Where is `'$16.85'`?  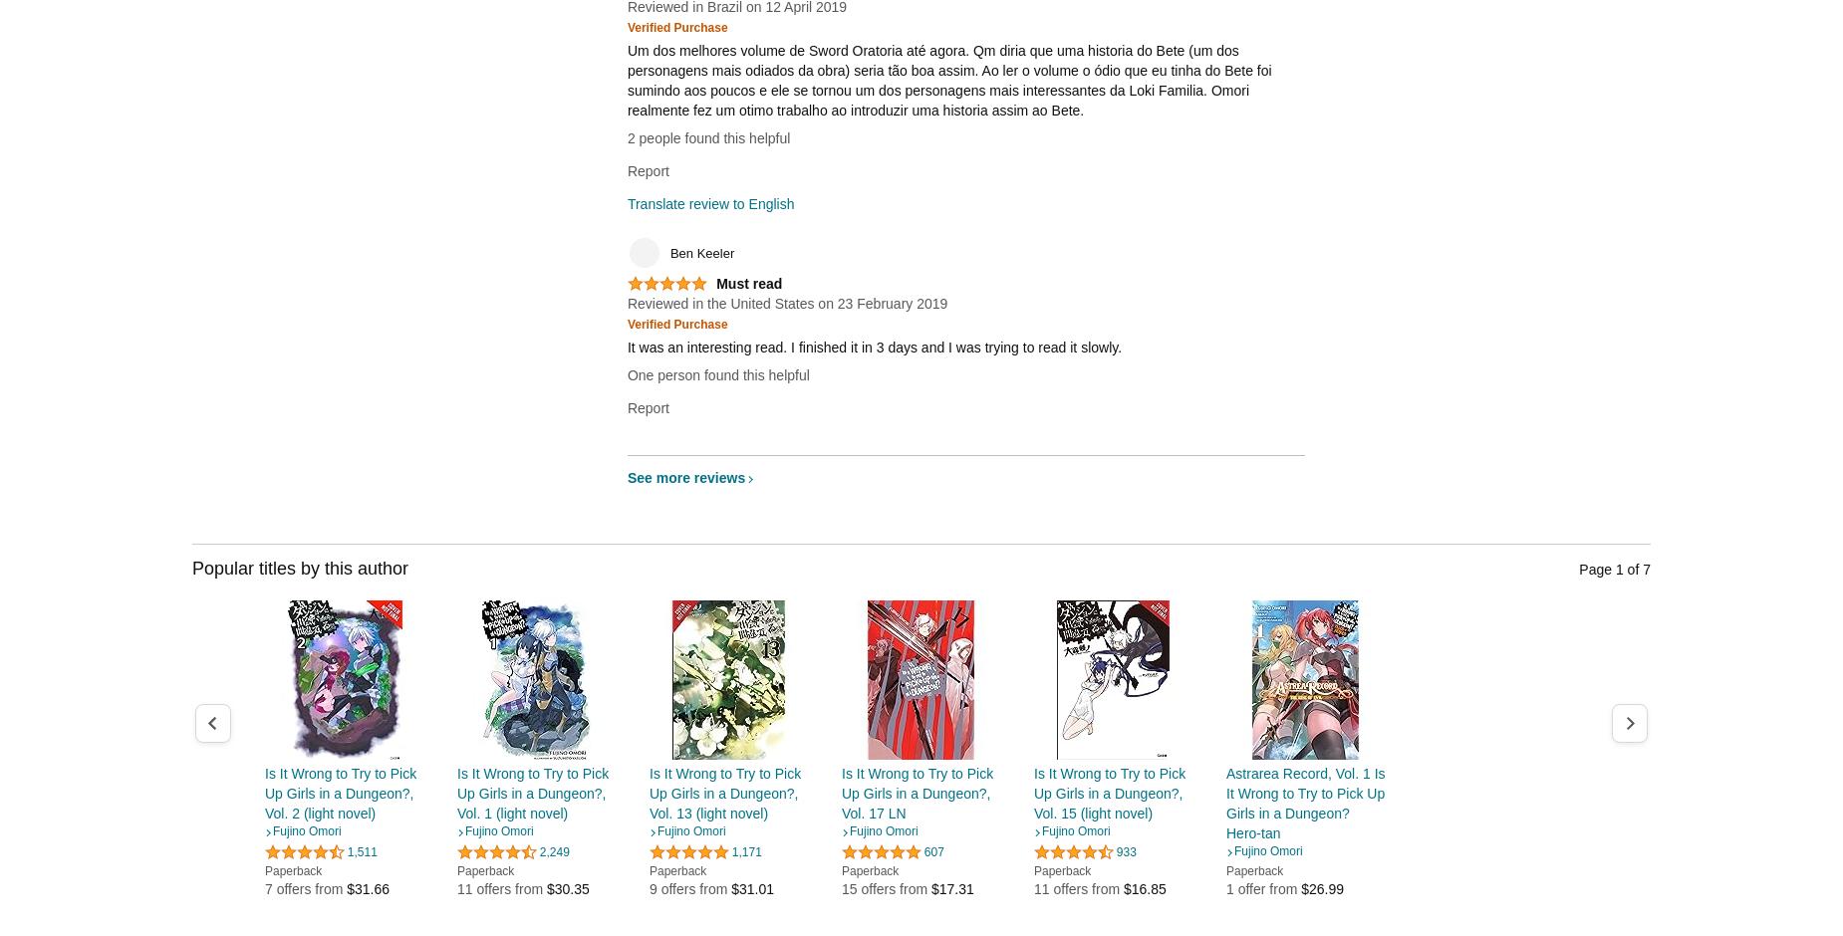
'$16.85' is located at coordinates (1122, 889).